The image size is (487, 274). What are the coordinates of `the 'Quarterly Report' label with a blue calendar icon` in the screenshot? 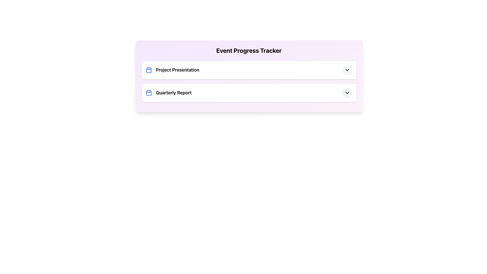 It's located at (168, 93).